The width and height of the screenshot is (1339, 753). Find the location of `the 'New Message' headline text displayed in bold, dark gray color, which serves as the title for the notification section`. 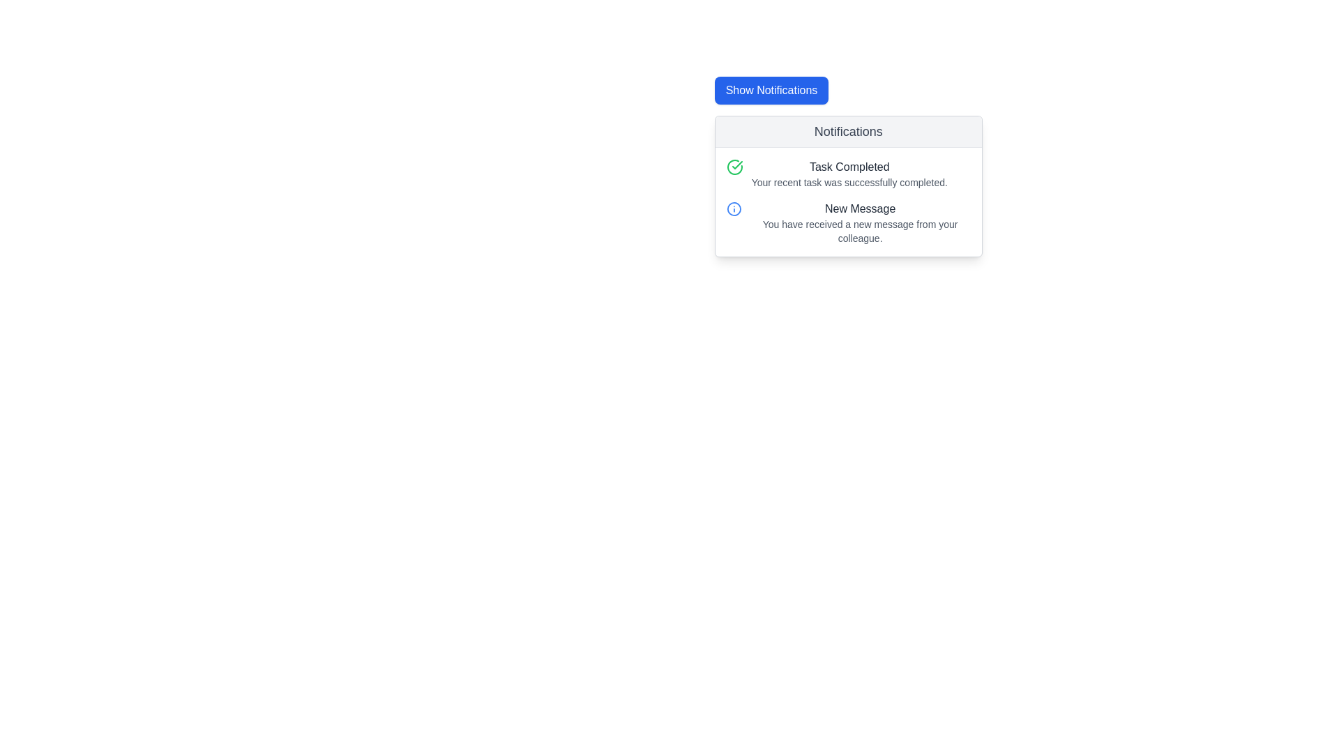

the 'New Message' headline text displayed in bold, dark gray color, which serves as the title for the notification section is located at coordinates (859, 209).